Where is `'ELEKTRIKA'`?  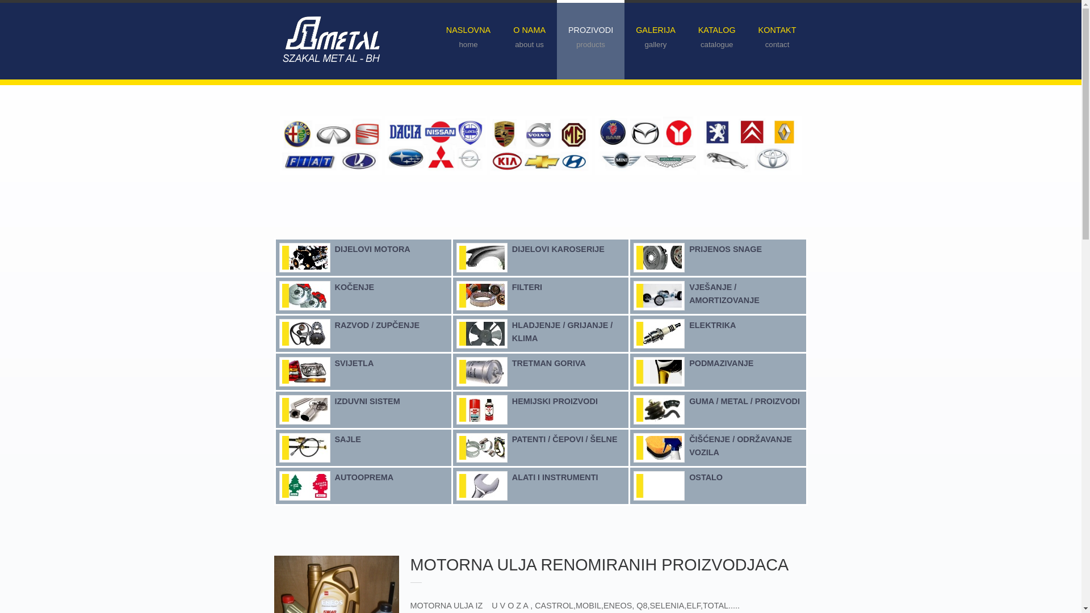 'ELEKTRIKA' is located at coordinates (711, 325).